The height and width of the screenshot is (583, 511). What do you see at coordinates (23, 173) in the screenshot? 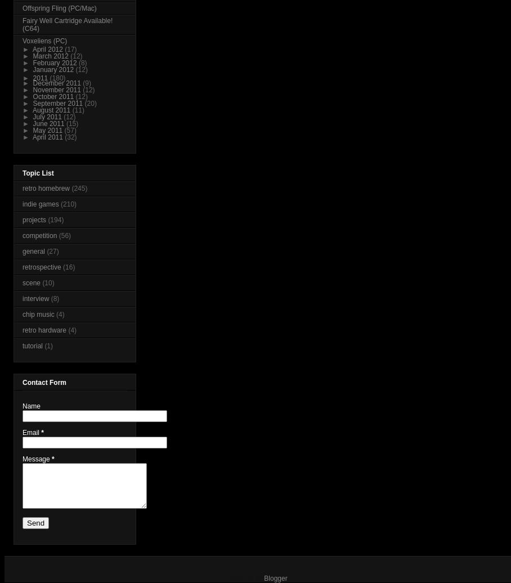
I see `'Topic List'` at bounding box center [23, 173].